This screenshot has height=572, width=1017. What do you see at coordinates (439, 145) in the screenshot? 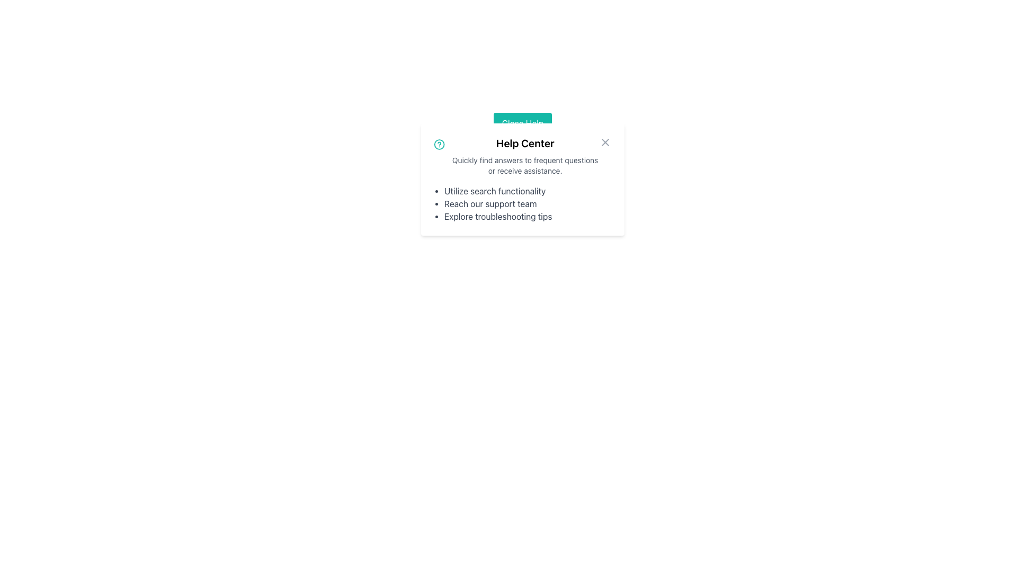
I see `the help icon located at the leftmost position of the help center card, next to the 'Help Center' text` at bounding box center [439, 145].